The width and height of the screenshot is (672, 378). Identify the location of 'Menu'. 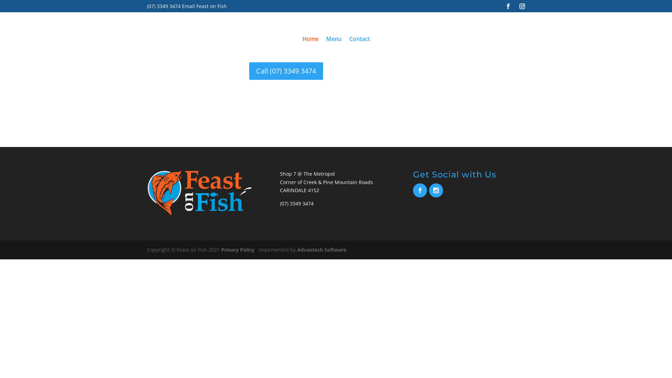
(334, 39).